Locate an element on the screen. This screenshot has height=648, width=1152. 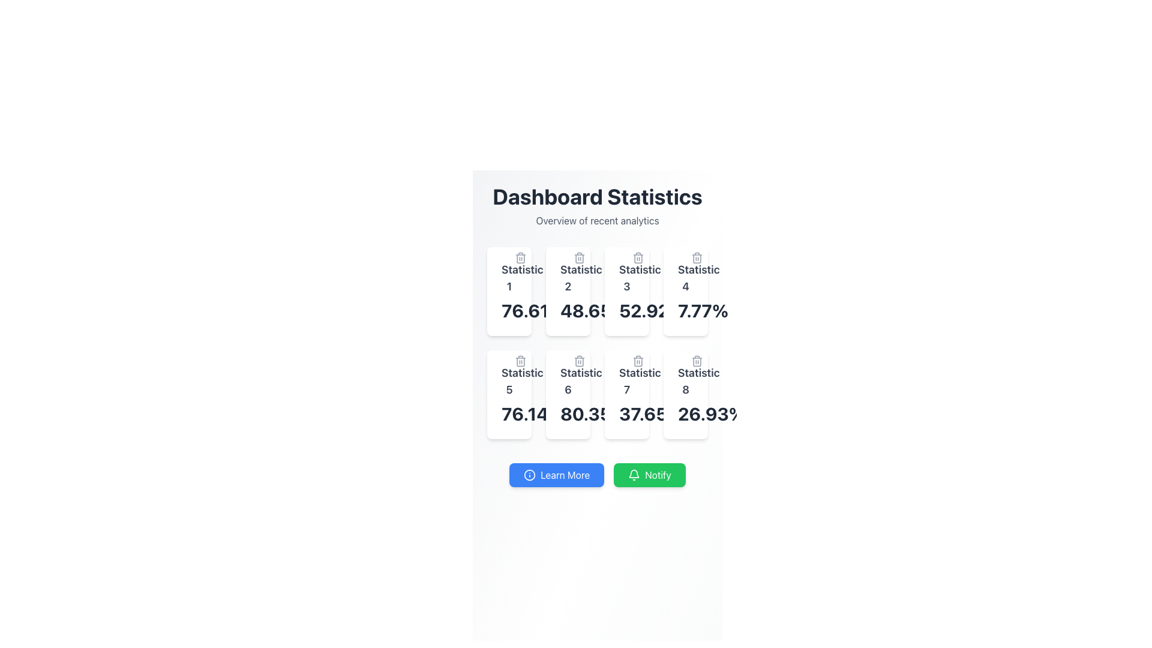
the bell icon inside the green 'Notify' button is located at coordinates (634, 474).